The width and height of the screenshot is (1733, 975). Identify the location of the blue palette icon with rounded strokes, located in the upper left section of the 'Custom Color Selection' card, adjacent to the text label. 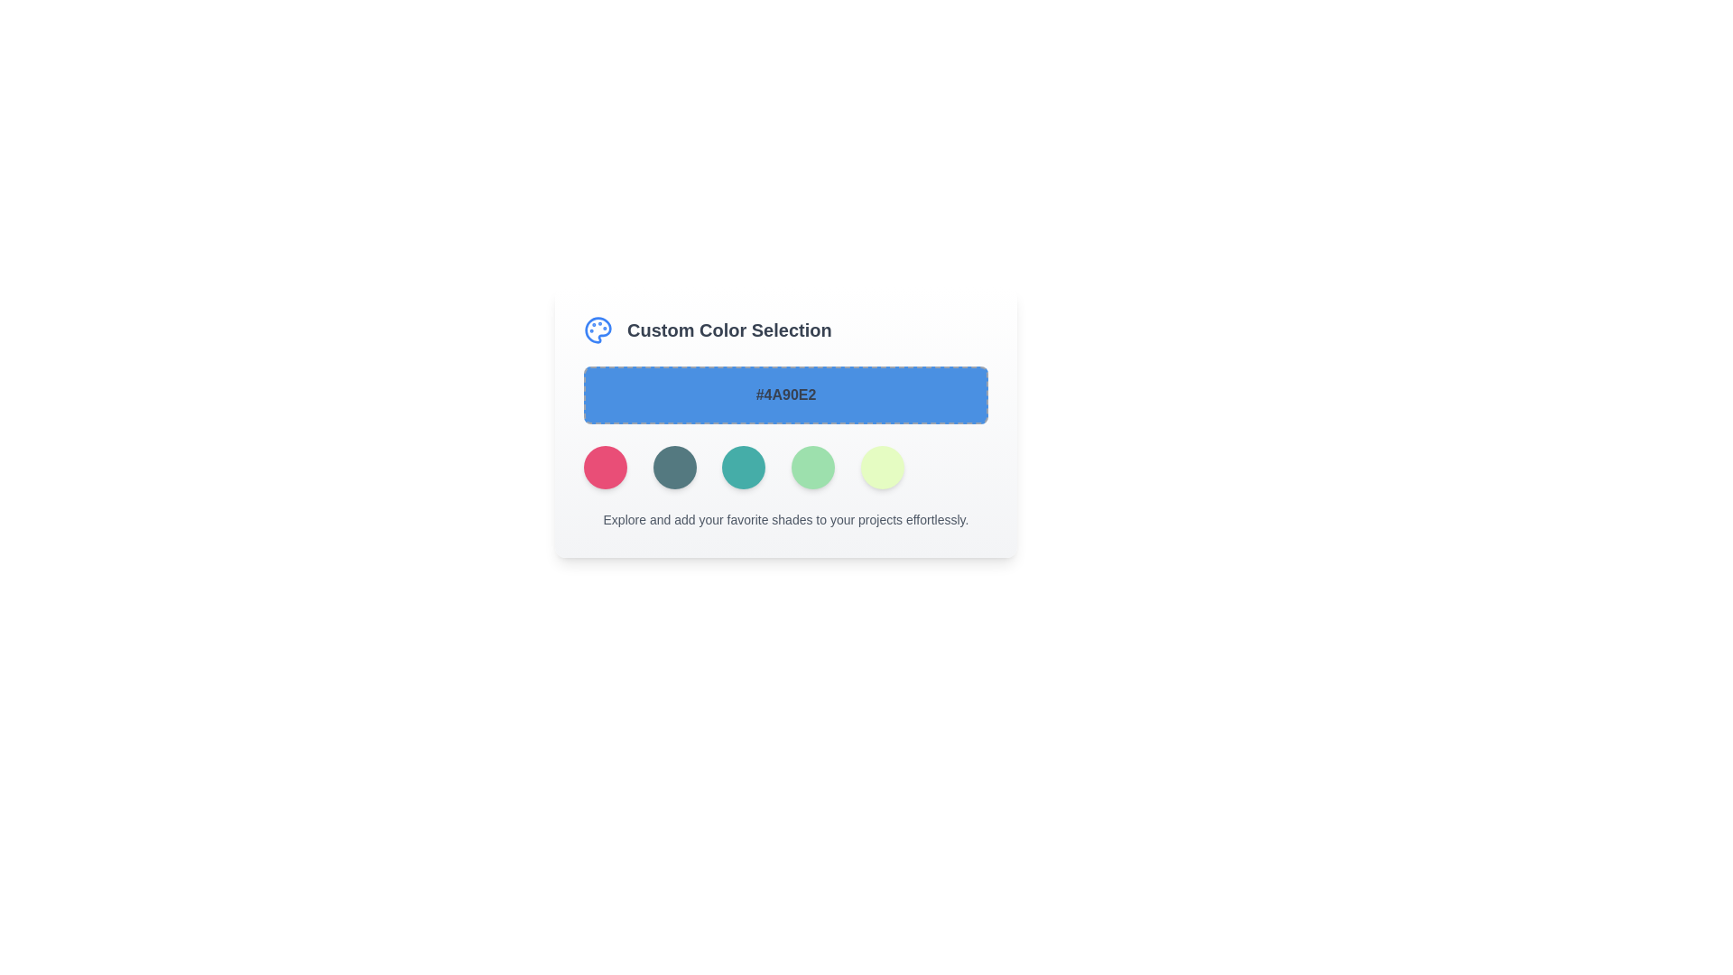
(598, 330).